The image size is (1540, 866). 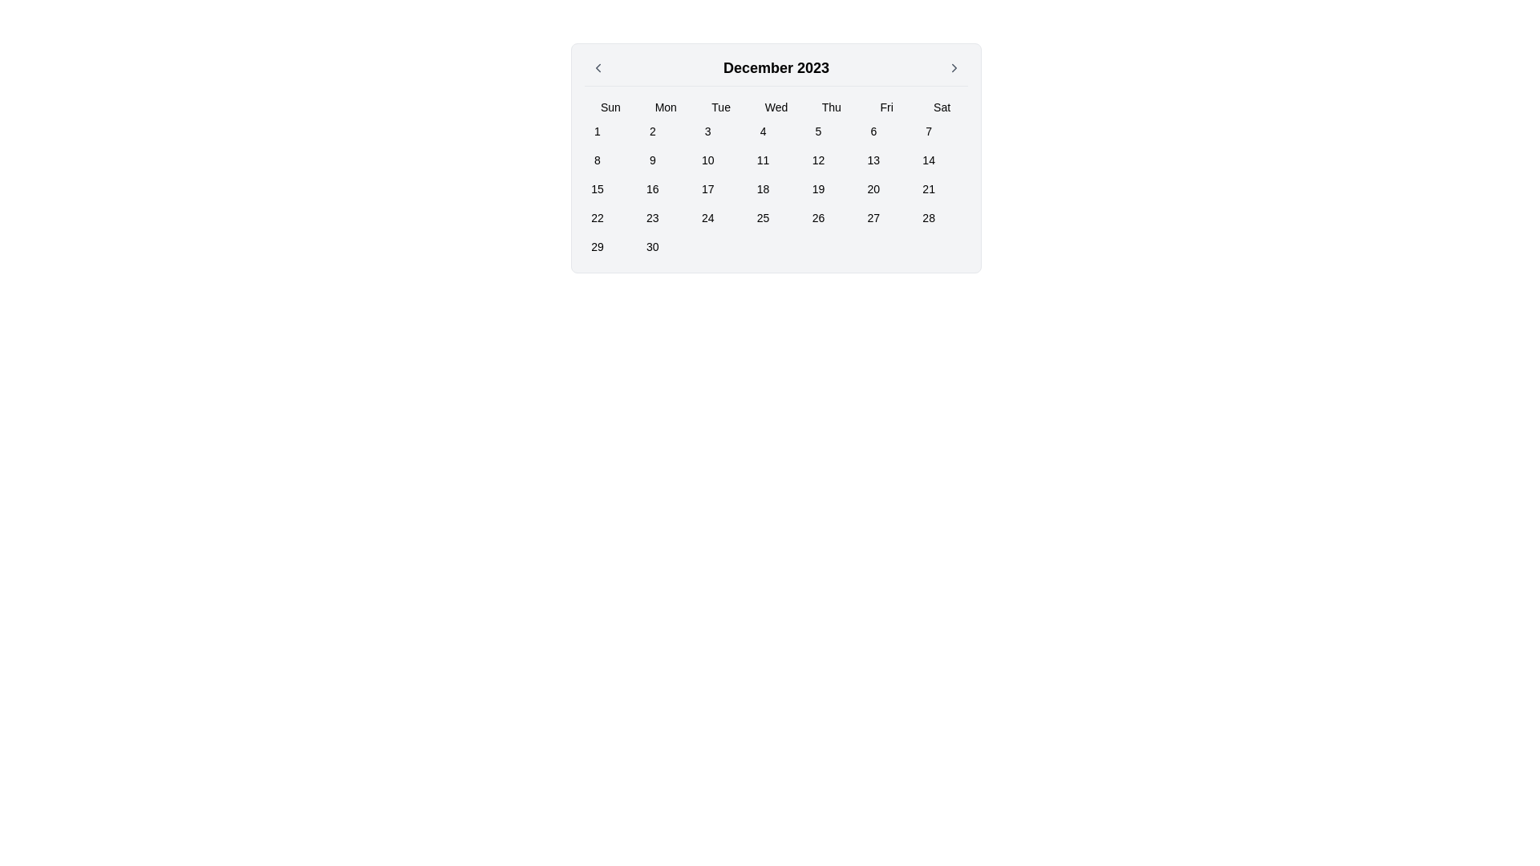 What do you see at coordinates (596, 247) in the screenshot?
I see `the selectable date button located in the sixth row and first column of the calendar grid` at bounding box center [596, 247].